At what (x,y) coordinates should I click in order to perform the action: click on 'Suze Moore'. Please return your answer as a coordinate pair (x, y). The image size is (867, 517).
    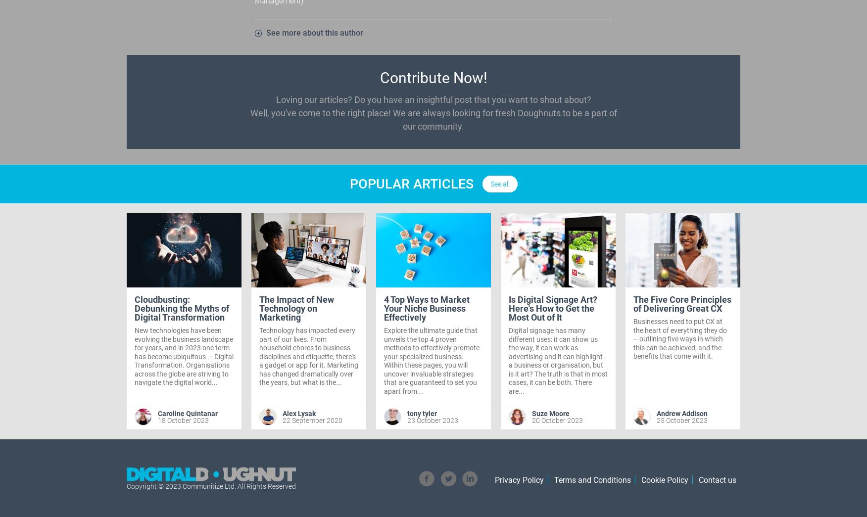
    Looking at the image, I should click on (550, 412).